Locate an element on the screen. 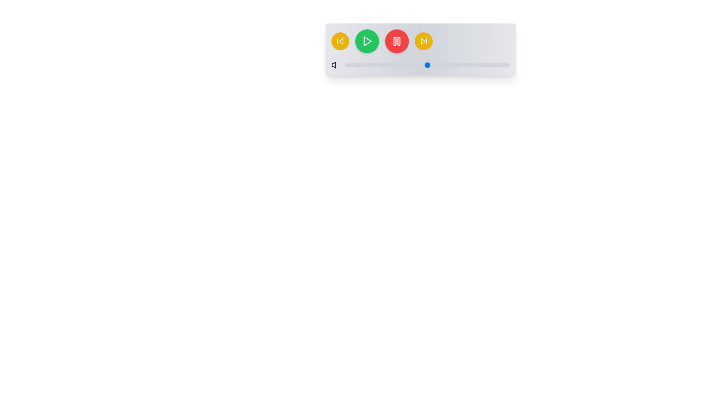  the slider position is located at coordinates (402, 64).